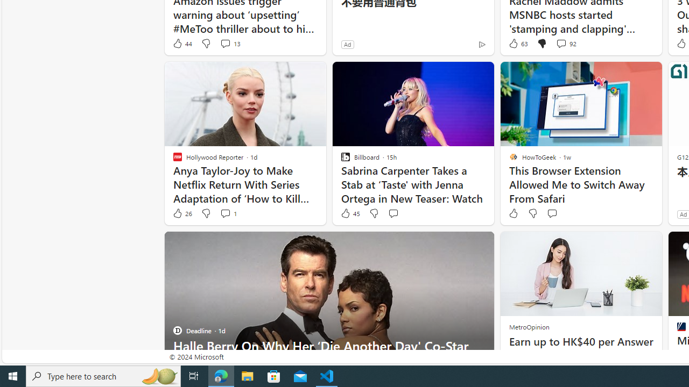 This screenshot has width=689, height=387. I want to click on '26 Like', so click(181, 213).